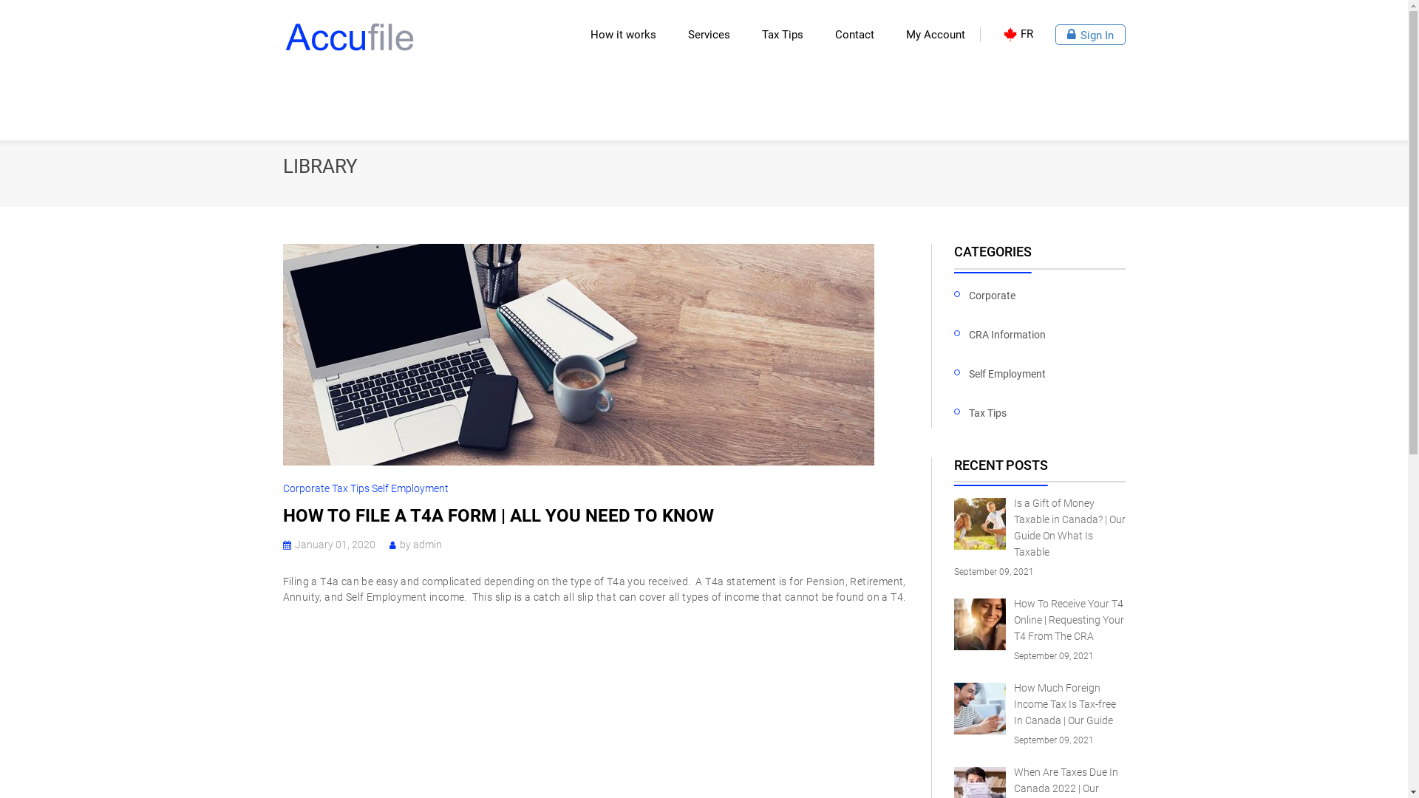 The width and height of the screenshot is (1419, 798). Describe the element at coordinates (712, 33) in the screenshot. I see `'Services'` at that location.